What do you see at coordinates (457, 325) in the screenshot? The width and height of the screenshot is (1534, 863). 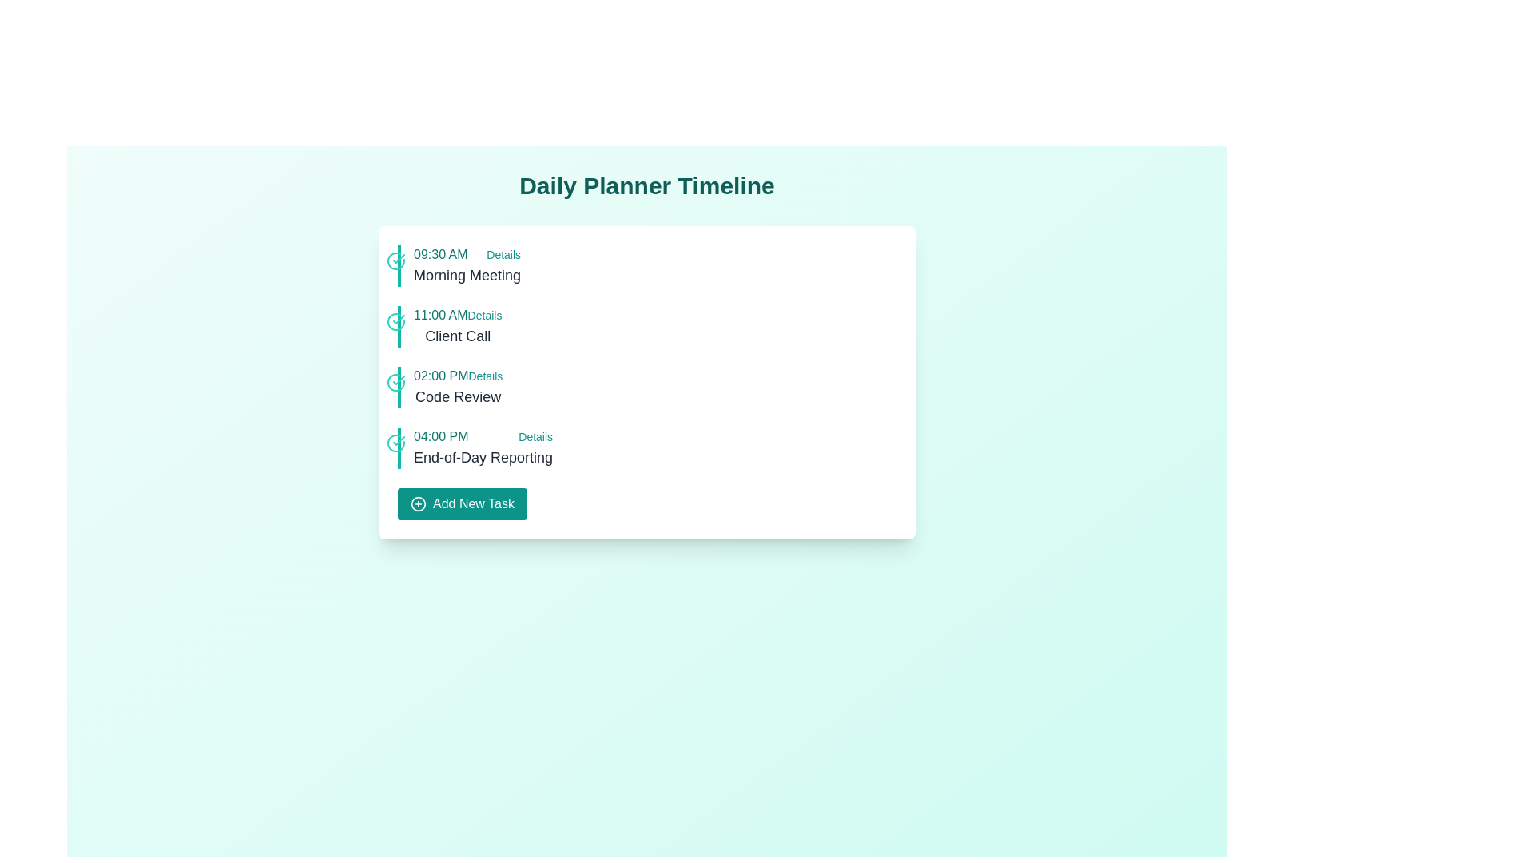 I see `text component displaying appointment details labeled 'Client Call' scheduled for 11:00 AM` at bounding box center [457, 325].